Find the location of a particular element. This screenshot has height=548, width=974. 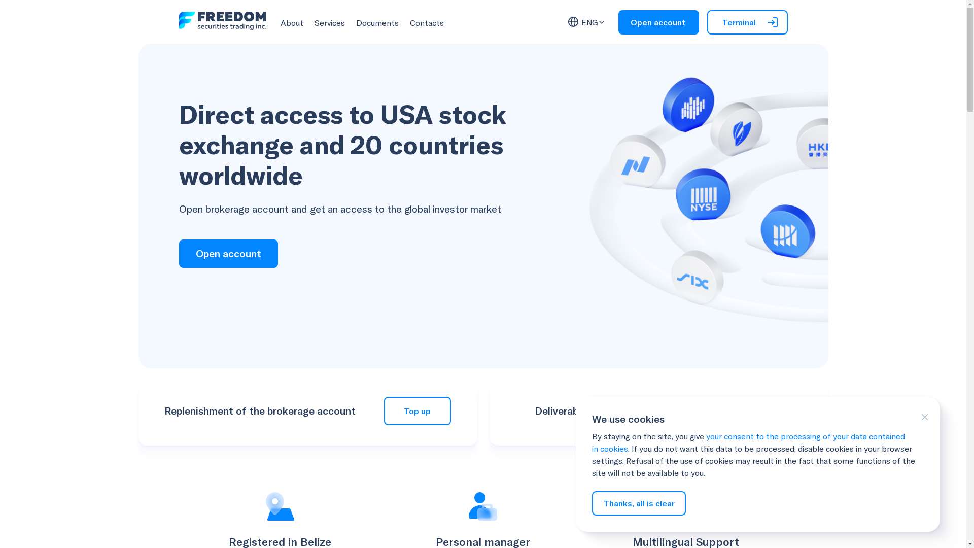

'Contacts' is located at coordinates (427, 23).